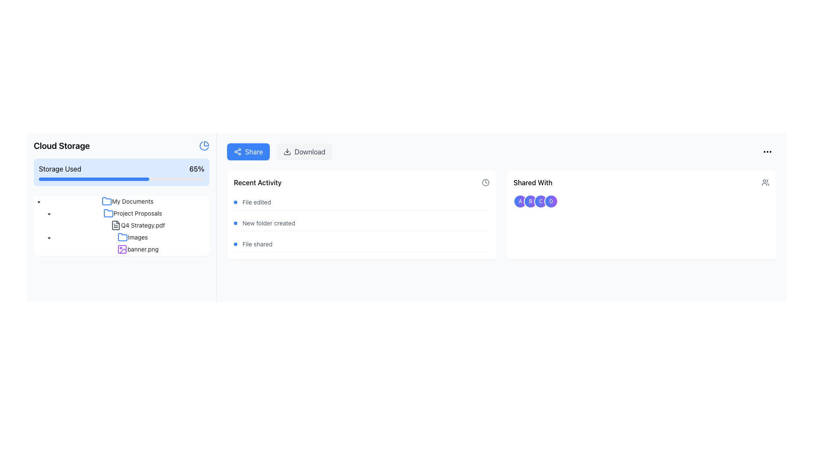 The width and height of the screenshot is (821, 462). Describe the element at coordinates (257, 182) in the screenshot. I see `the Text Label indicating recent activities, which is positioned near the top-left of a rectangular area and to the left of a clock icon` at that location.